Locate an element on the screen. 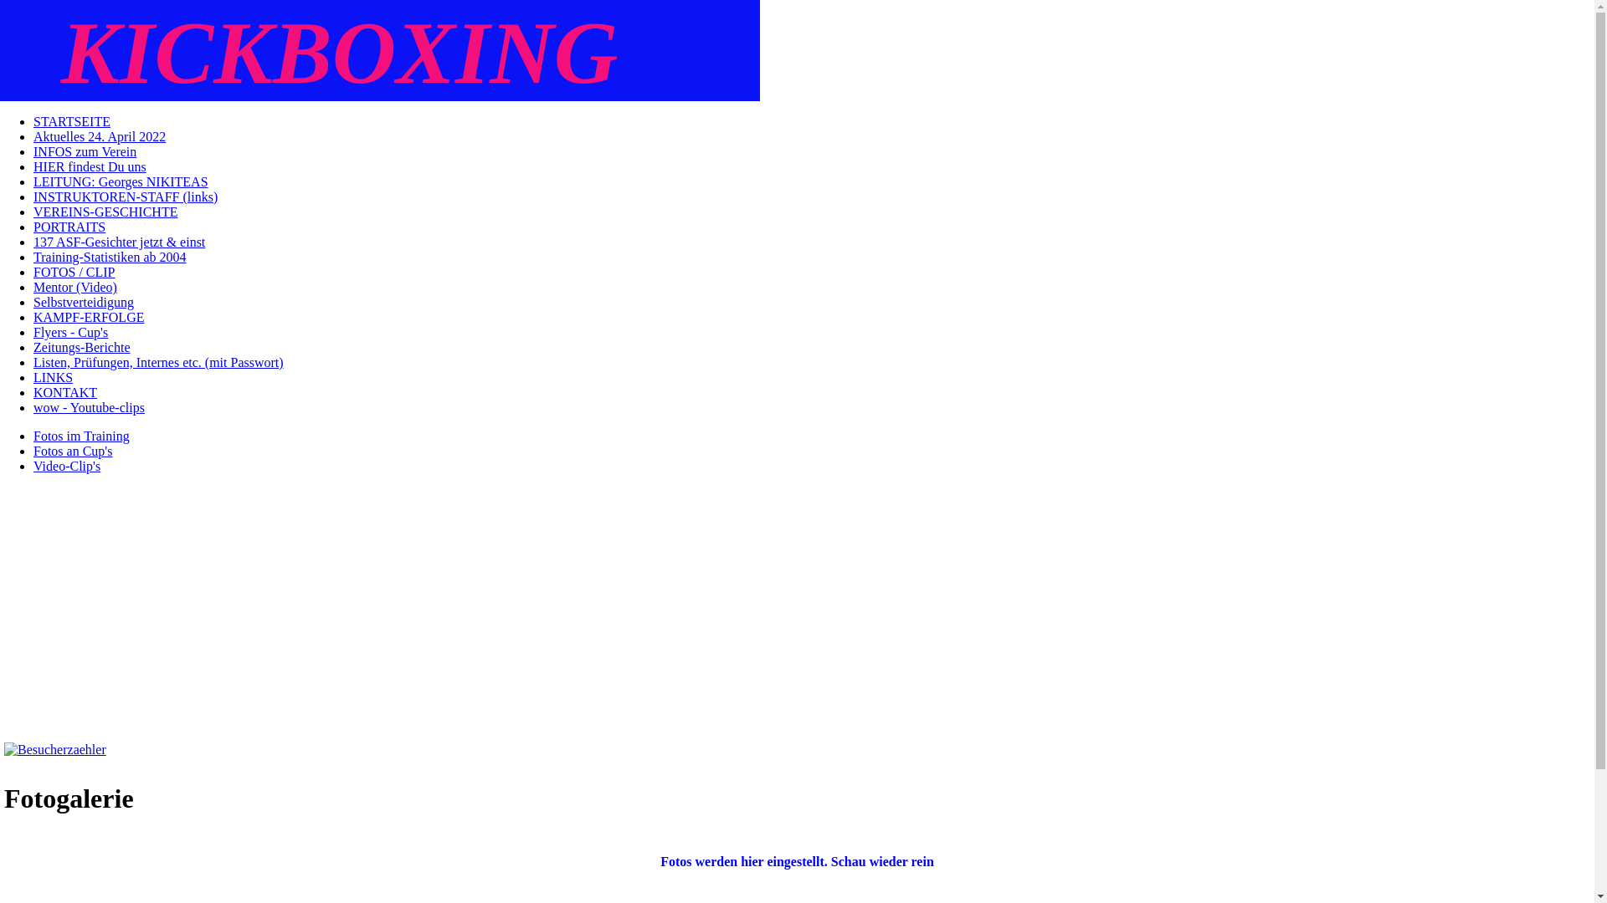 This screenshot has height=903, width=1607. 'Besucherzaehler' is located at coordinates (55, 748).